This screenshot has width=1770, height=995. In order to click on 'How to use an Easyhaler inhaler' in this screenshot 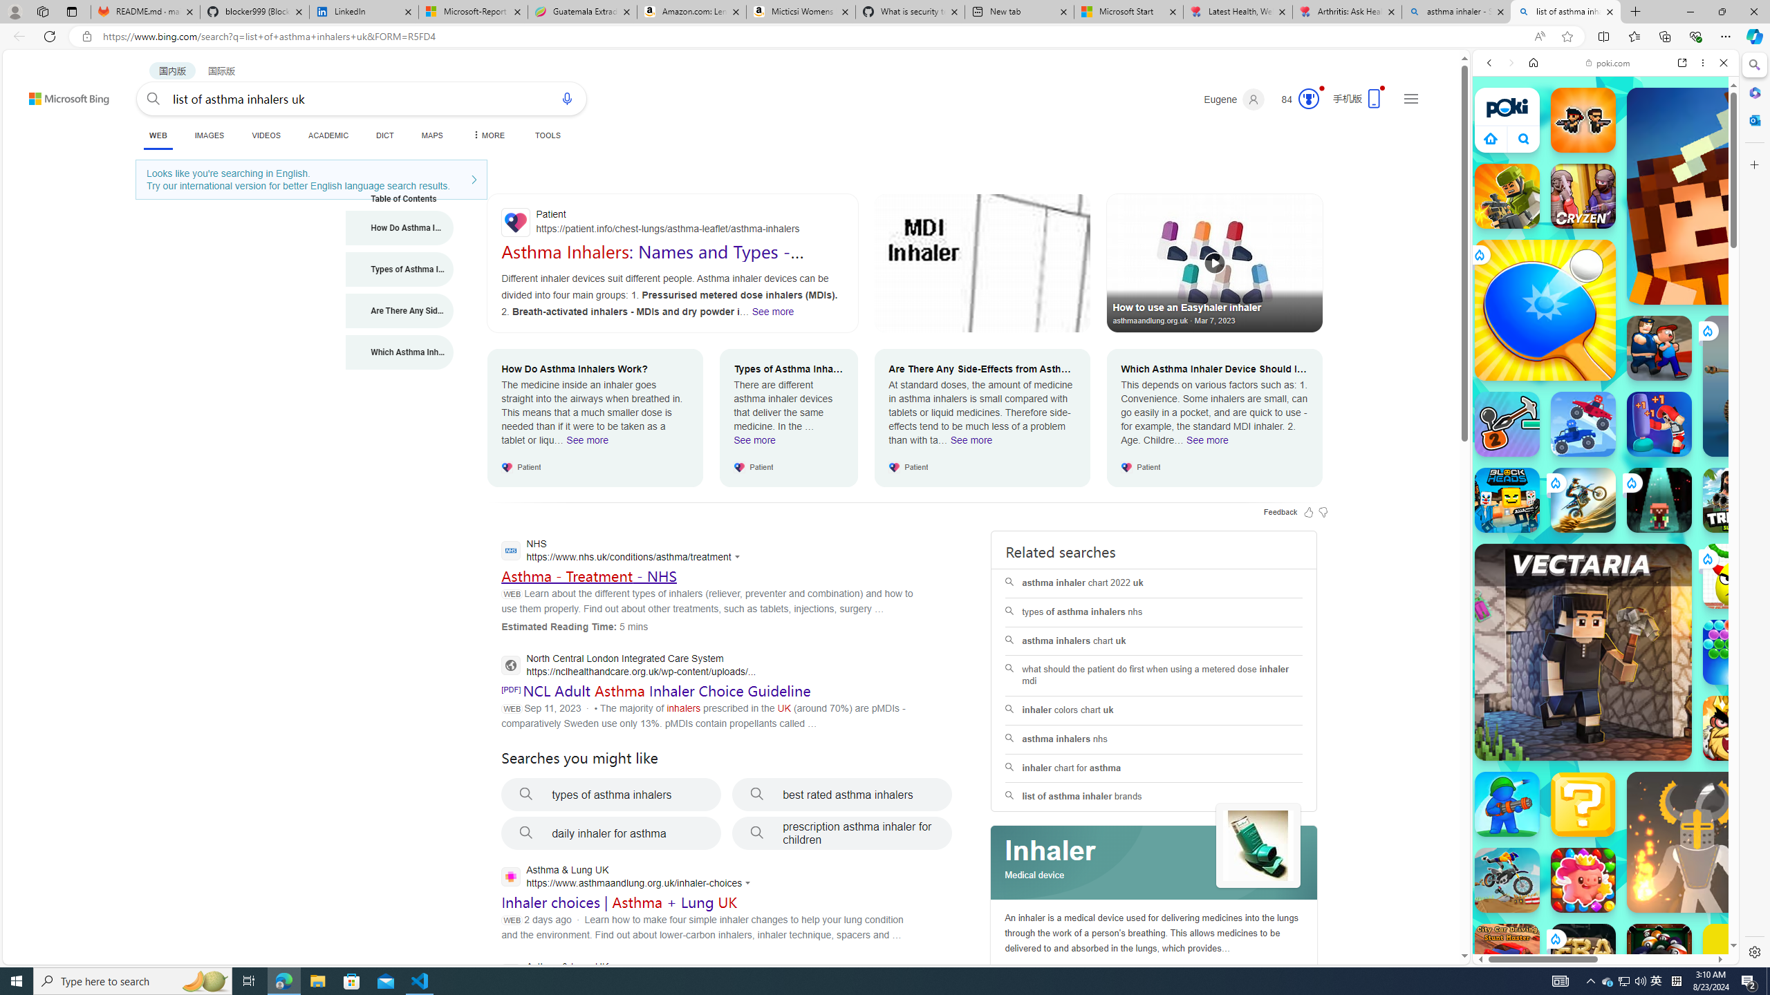, I will do `click(1214, 262)`.